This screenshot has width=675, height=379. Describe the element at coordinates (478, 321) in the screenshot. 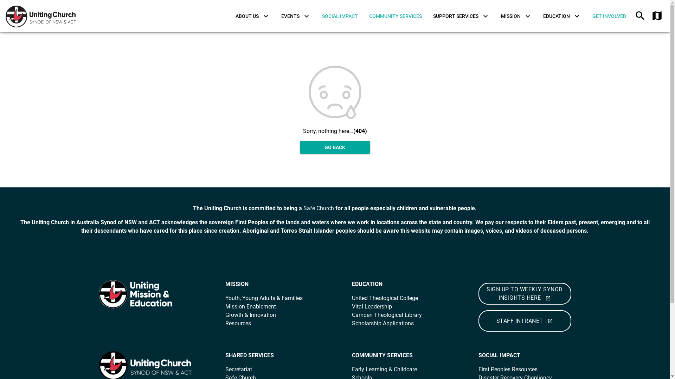

I see `'STAFF INTRANET` at that location.